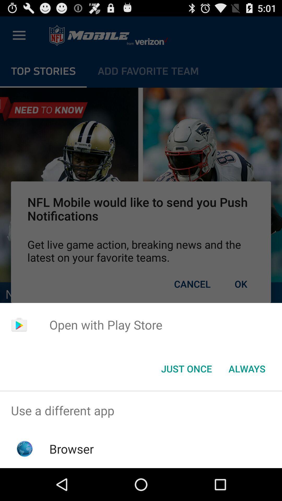 The width and height of the screenshot is (282, 501). What do you see at coordinates (141, 410) in the screenshot?
I see `the use a different icon` at bounding box center [141, 410].